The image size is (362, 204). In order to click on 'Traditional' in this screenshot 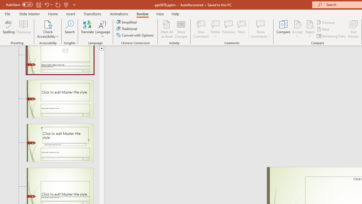, I will do `click(127, 29)`.